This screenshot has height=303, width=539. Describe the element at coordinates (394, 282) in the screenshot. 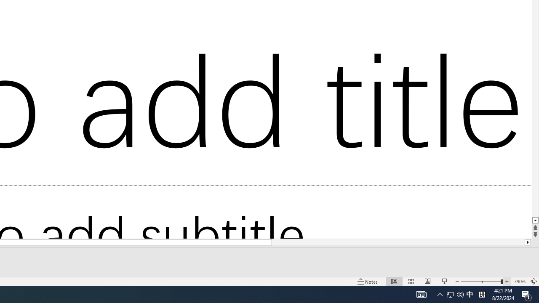

I see `'Normal'` at that location.